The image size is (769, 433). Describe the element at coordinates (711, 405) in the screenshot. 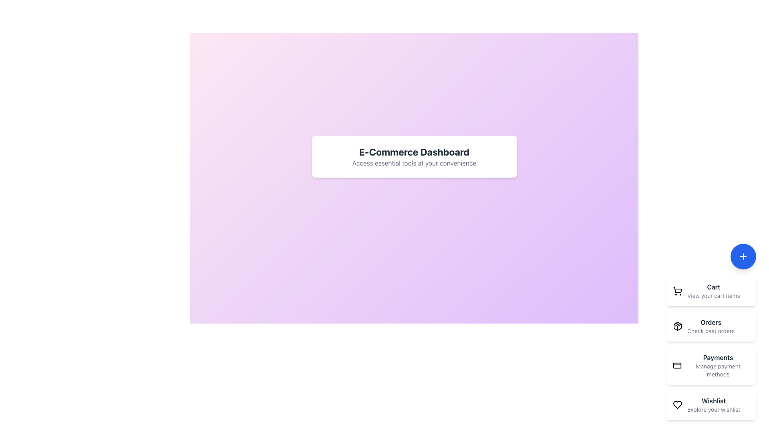

I see `the fourth button element in the vertical list, which is a rectangular card with a black outlined heart icon and the text 'Wishlist'. This action allows you to observe the visual feedback of increased shadow prominence` at that location.